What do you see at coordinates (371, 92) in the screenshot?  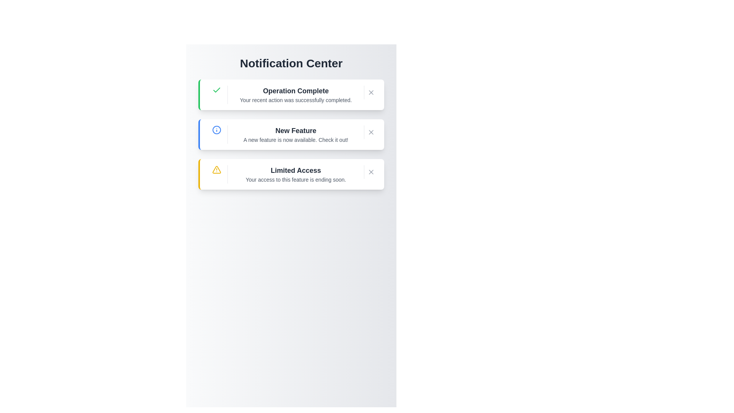 I see `the close button located at the upper-right corner of the 'Operation Complete' notification card` at bounding box center [371, 92].